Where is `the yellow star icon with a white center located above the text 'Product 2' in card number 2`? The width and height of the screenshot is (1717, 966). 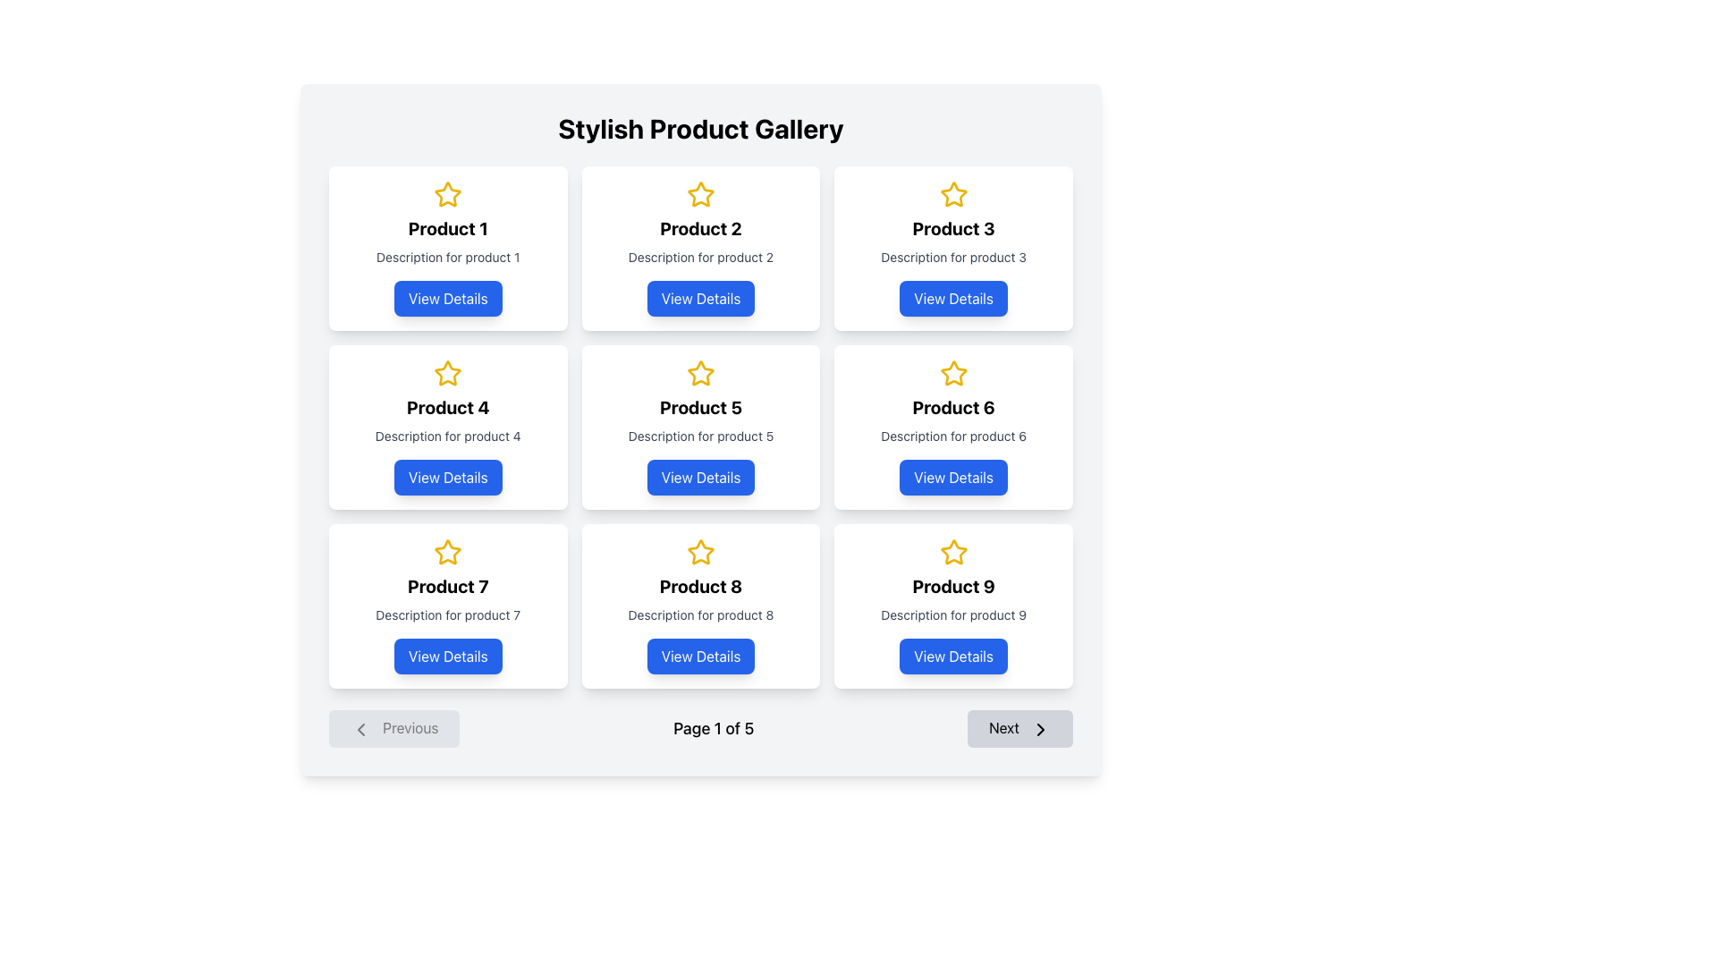 the yellow star icon with a white center located above the text 'Product 2' in card number 2 is located at coordinates (699, 194).